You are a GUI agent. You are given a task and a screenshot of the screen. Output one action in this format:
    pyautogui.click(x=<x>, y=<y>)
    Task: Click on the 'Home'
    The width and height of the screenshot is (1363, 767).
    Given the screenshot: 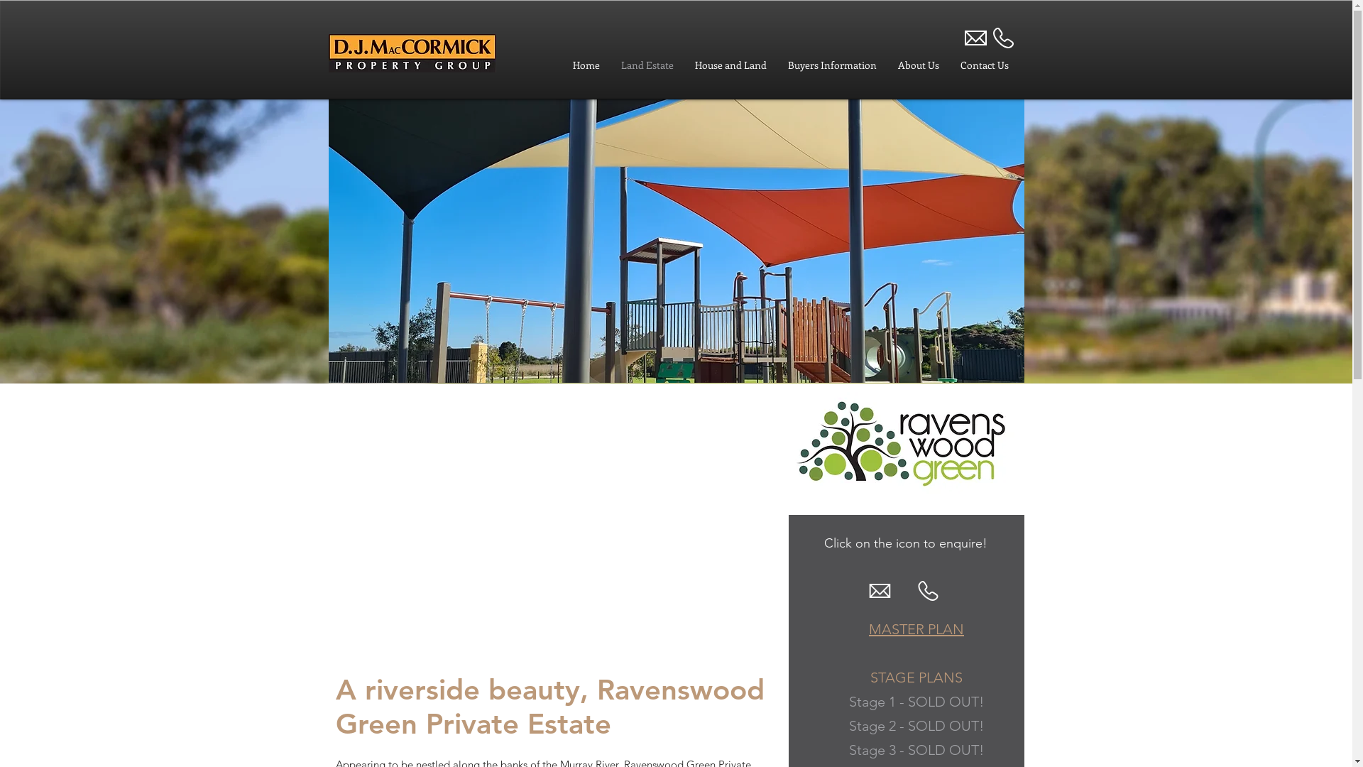 What is the action you would take?
    pyautogui.click(x=562, y=65)
    